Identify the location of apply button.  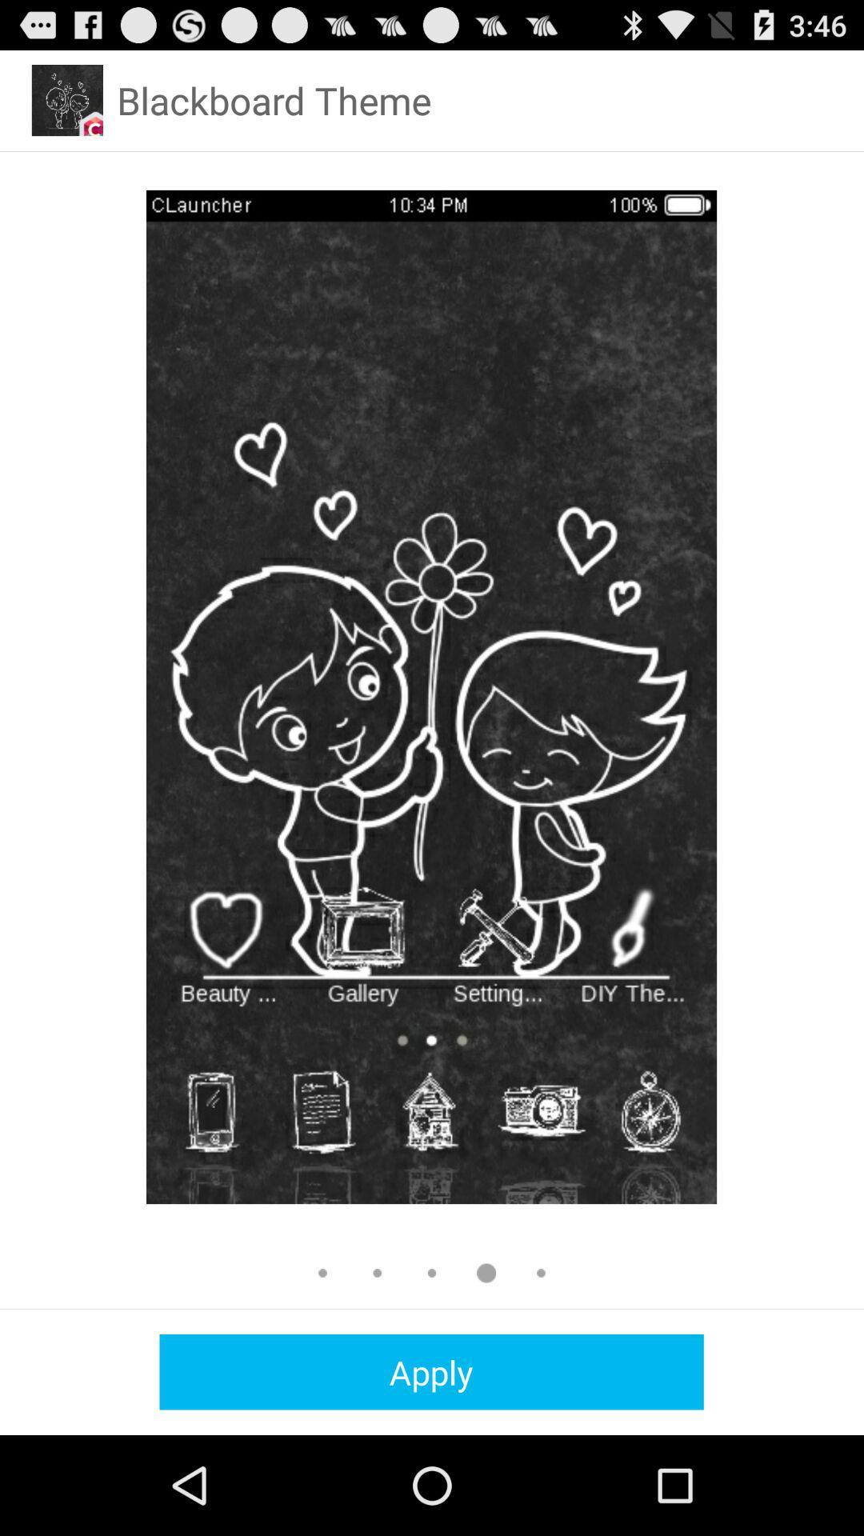
(430, 1371).